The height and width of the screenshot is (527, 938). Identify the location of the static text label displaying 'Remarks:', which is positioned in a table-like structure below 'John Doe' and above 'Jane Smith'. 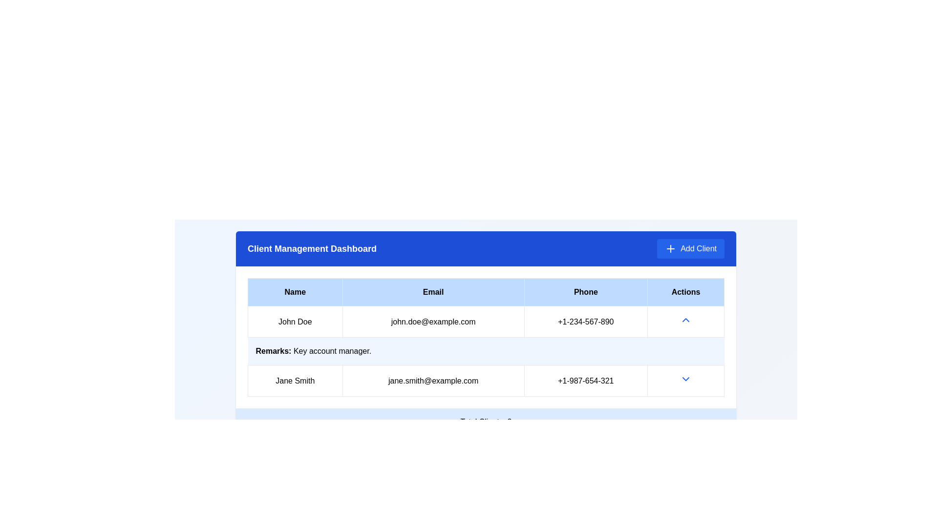
(274, 350).